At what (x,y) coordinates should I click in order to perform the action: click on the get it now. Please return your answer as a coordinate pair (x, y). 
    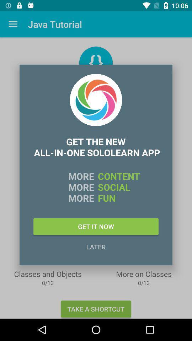
    Looking at the image, I should click on (96, 226).